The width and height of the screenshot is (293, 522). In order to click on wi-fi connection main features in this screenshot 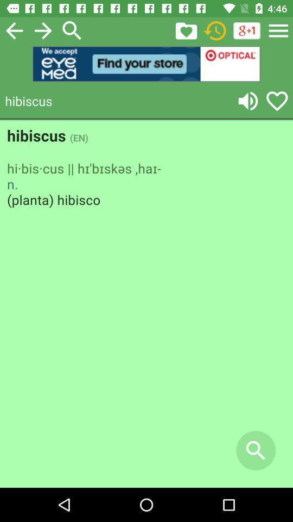, I will do `click(215, 30)`.